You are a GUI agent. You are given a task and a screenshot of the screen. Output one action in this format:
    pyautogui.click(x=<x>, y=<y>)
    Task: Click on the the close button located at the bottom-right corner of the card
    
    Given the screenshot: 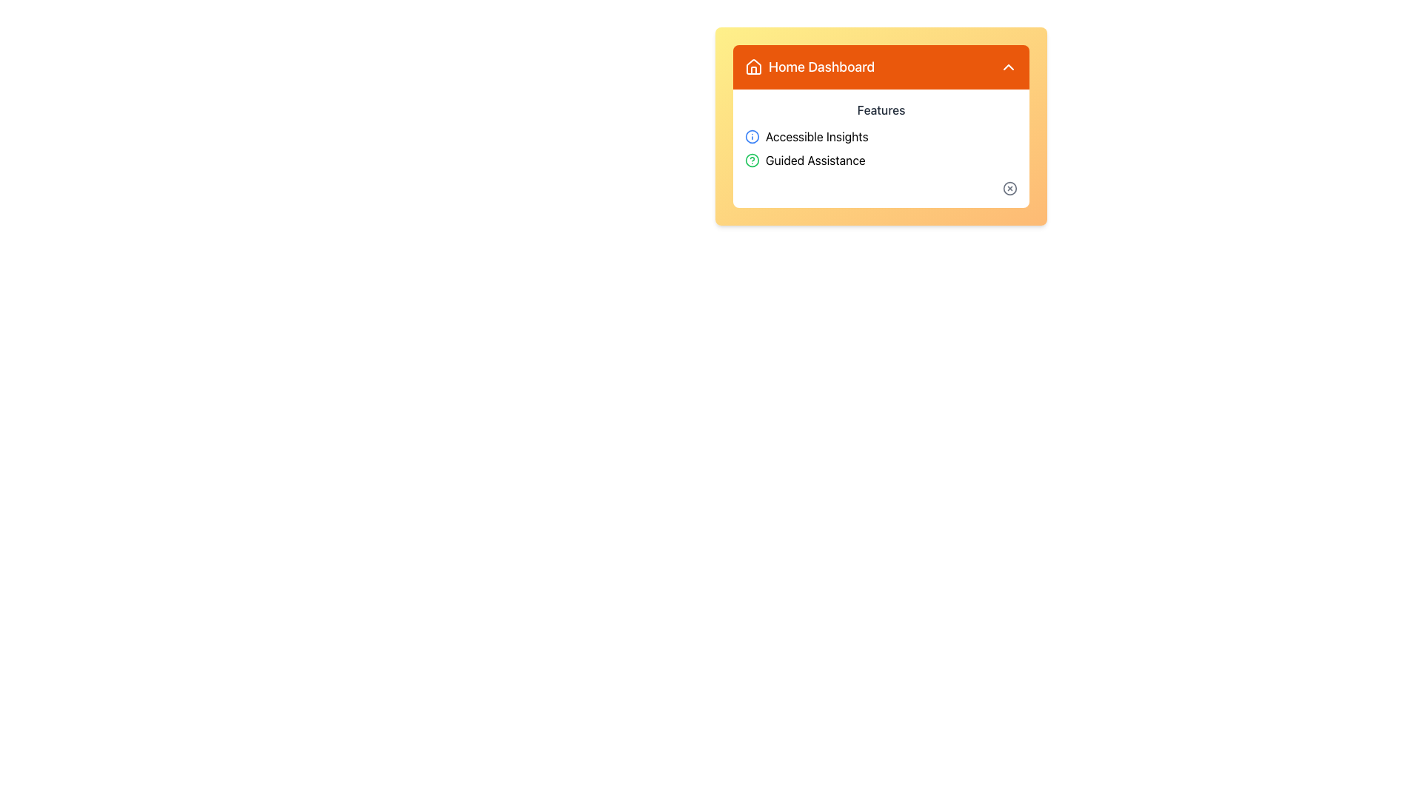 What is the action you would take?
    pyautogui.click(x=1009, y=187)
    